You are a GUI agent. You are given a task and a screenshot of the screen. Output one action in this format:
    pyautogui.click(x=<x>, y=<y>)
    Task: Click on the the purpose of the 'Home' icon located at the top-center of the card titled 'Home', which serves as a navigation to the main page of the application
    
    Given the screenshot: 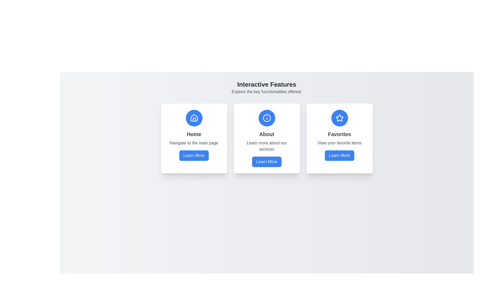 What is the action you would take?
    pyautogui.click(x=194, y=118)
    